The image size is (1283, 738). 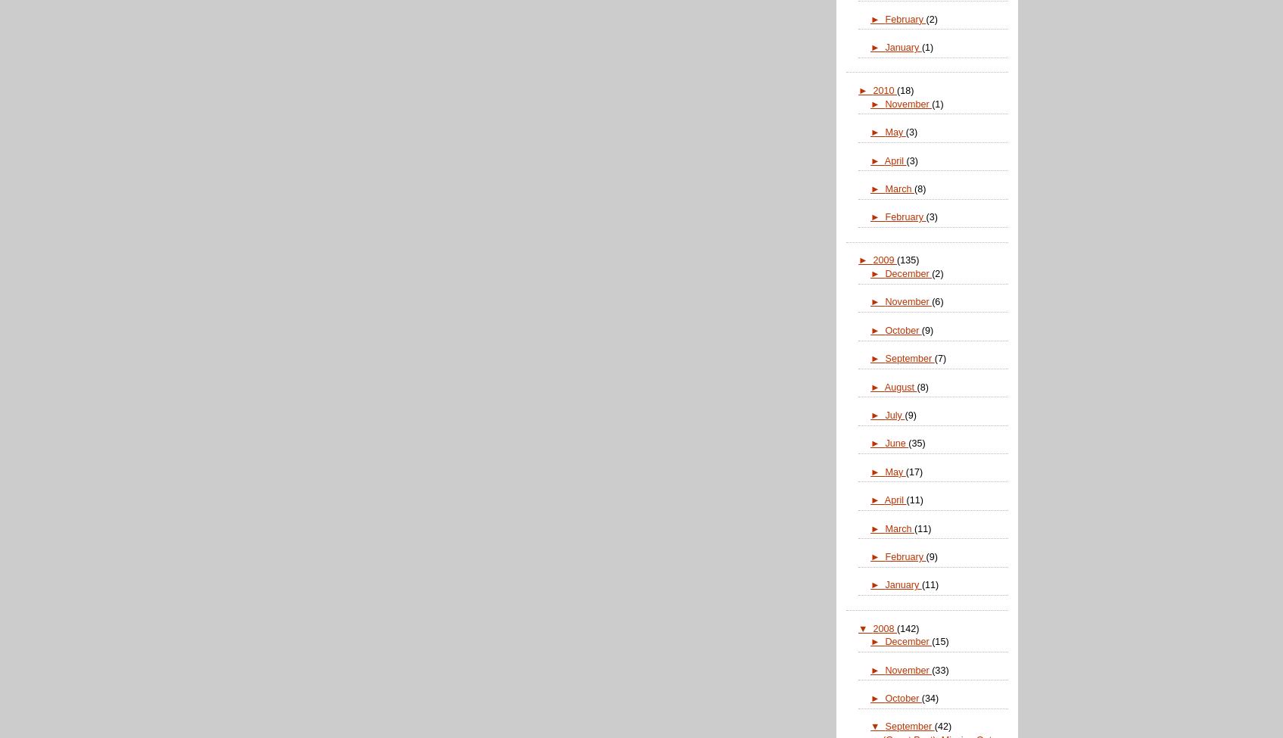 What do you see at coordinates (908, 259) in the screenshot?
I see `'(135)'` at bounding box center [908, 259].